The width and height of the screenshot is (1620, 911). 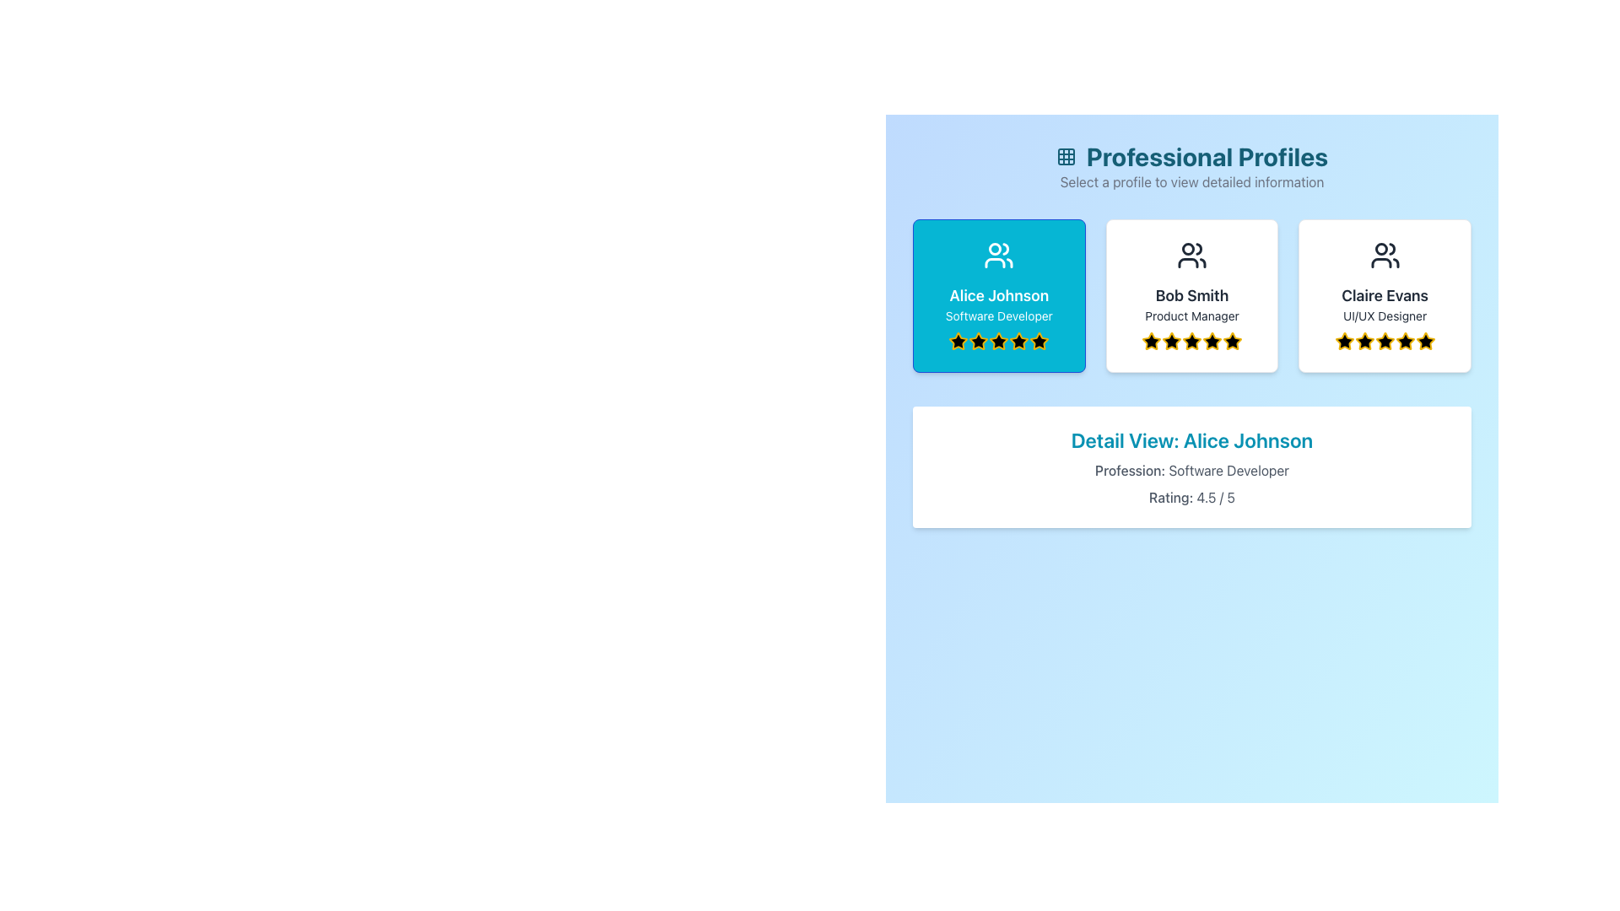 What do you see at coordinates (1364, 342) in the screenshot?
I see `the fourth yellow star icon` at bounding box center [1364, 342].